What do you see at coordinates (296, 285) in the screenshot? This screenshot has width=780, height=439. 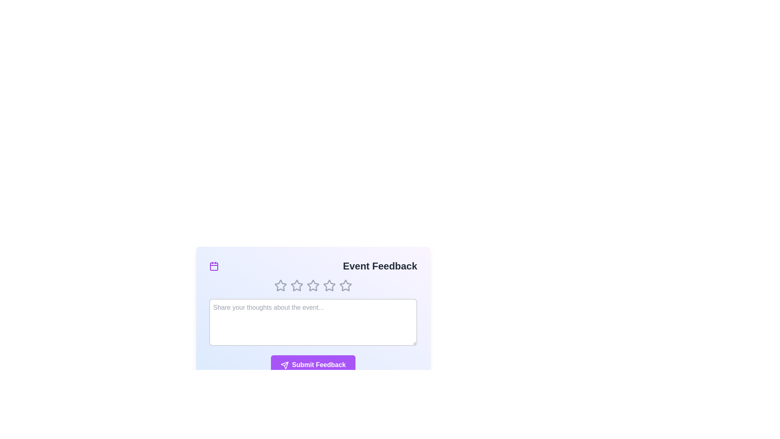 I see `the second star-shaped rating icon in the feedback form` at bounding box center [296, 285].